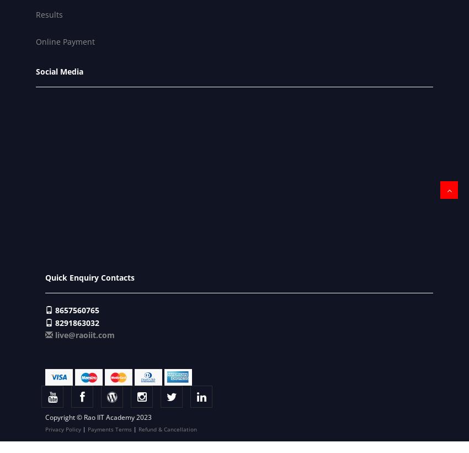 This screenshot has width=469, height=453. I want to click on 'Privacy Policy', so click(45, 429).